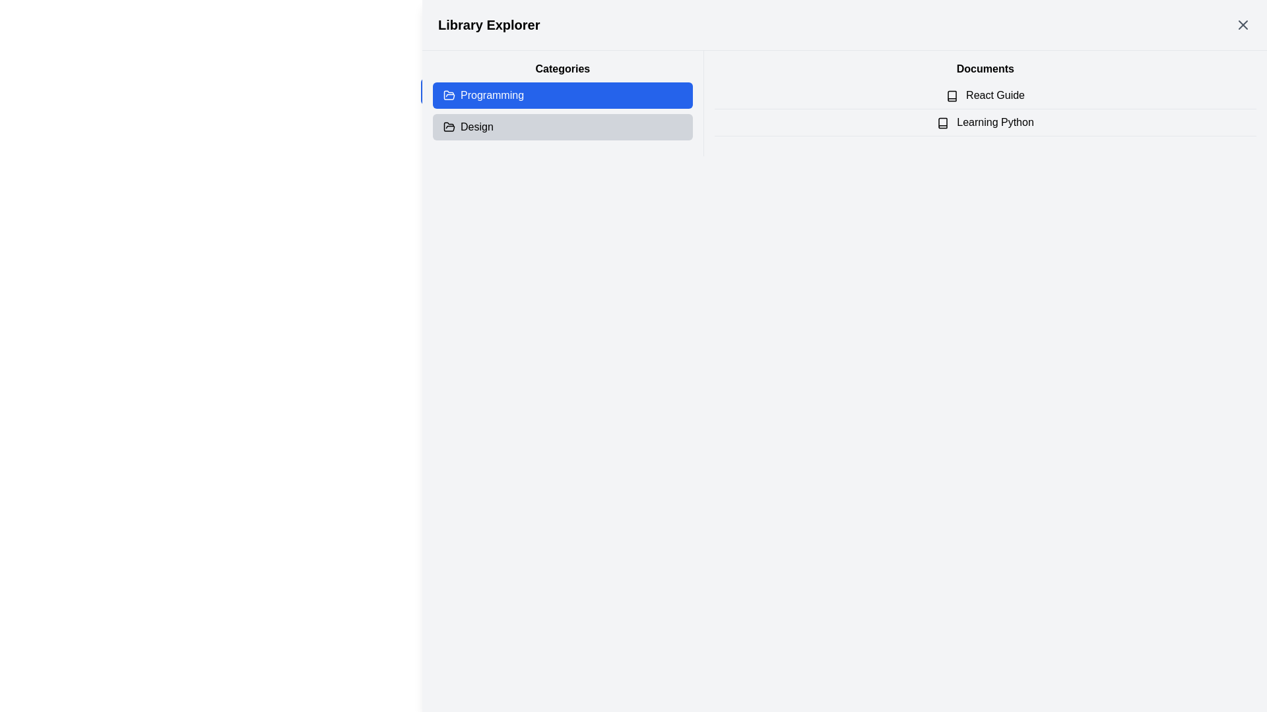 This screenshot has height=712, width=1267. I want to click on the small, square-shaped 'X' button in the top-right corner of the layout, so click(1242, 25).